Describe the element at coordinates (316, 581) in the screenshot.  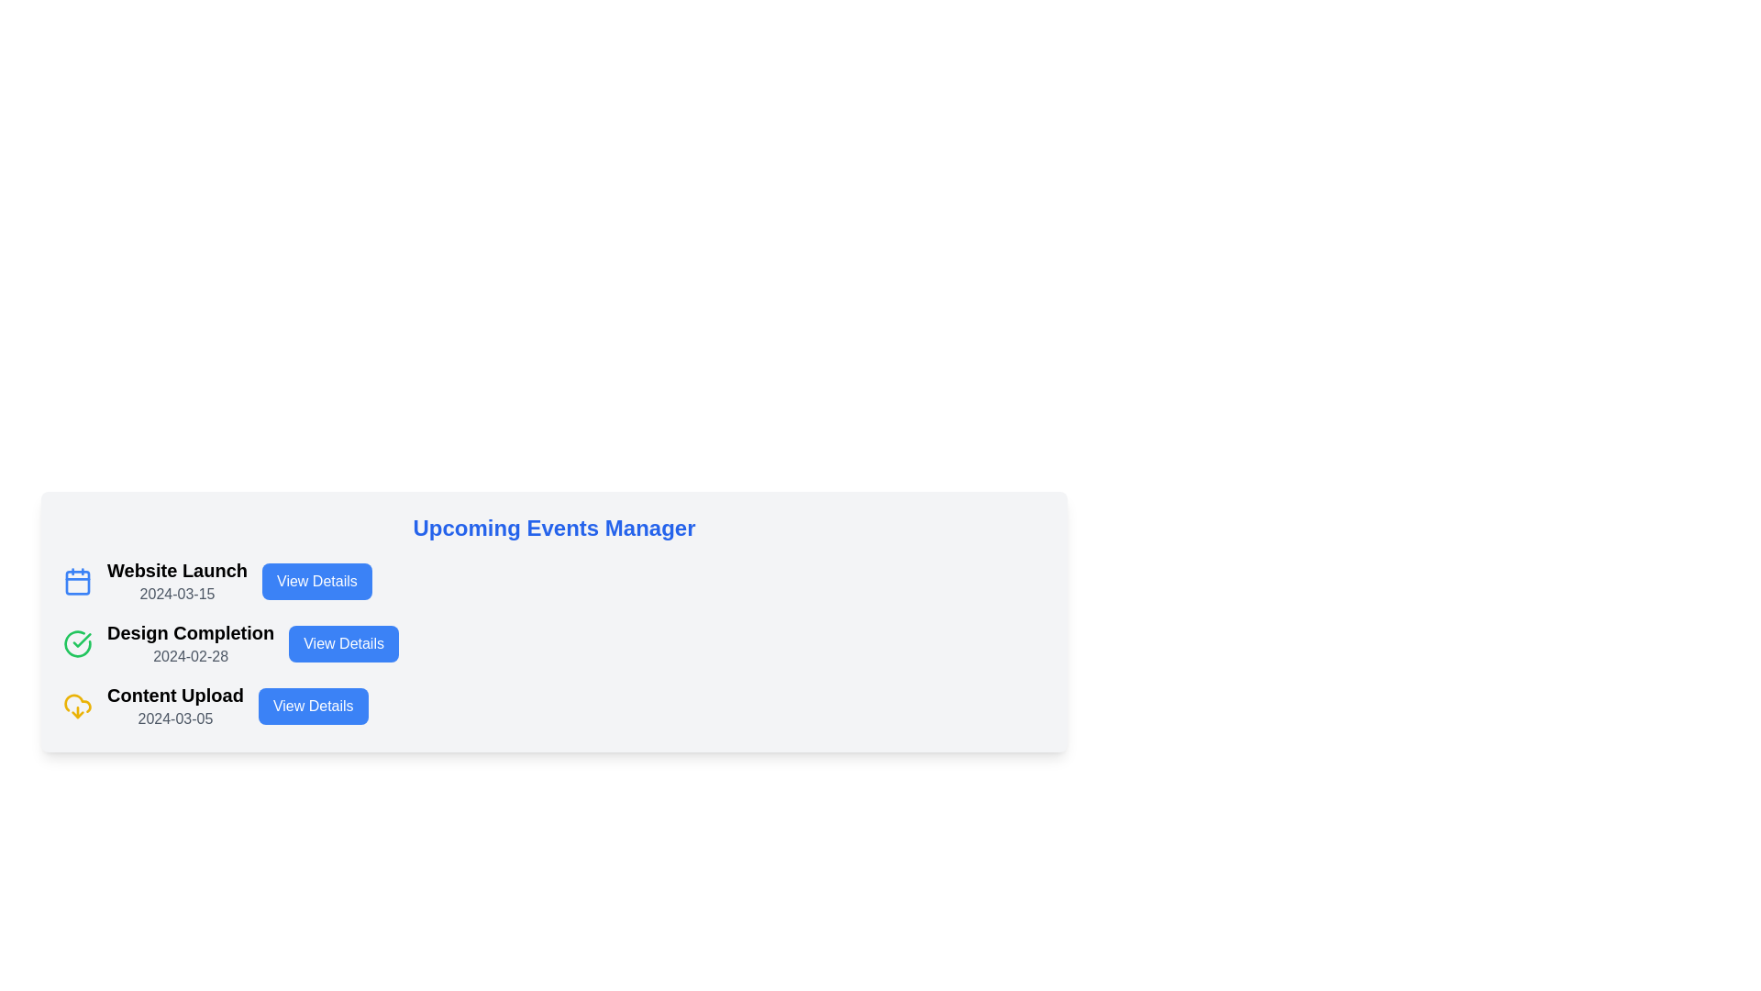
I see `the rightmost button in the horizontal grouping related to the 'Website Launch' event` at that location.